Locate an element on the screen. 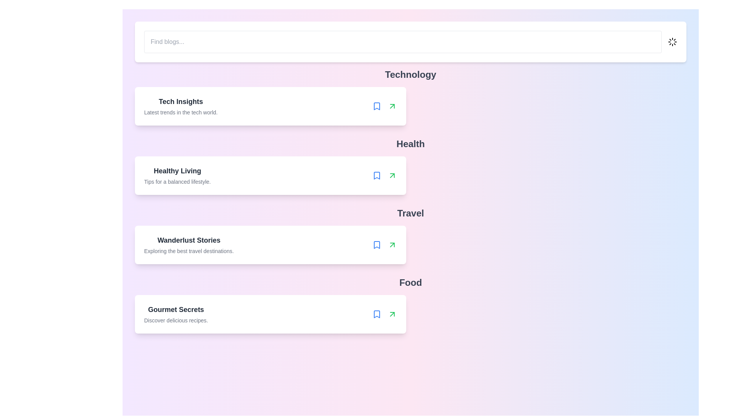 This screenshot has width=740, height=416. the arrow icon located to the right of the bookmark icon and aligned horizontally with the text 'Tech Insights' is located at coordinates (392, 106).